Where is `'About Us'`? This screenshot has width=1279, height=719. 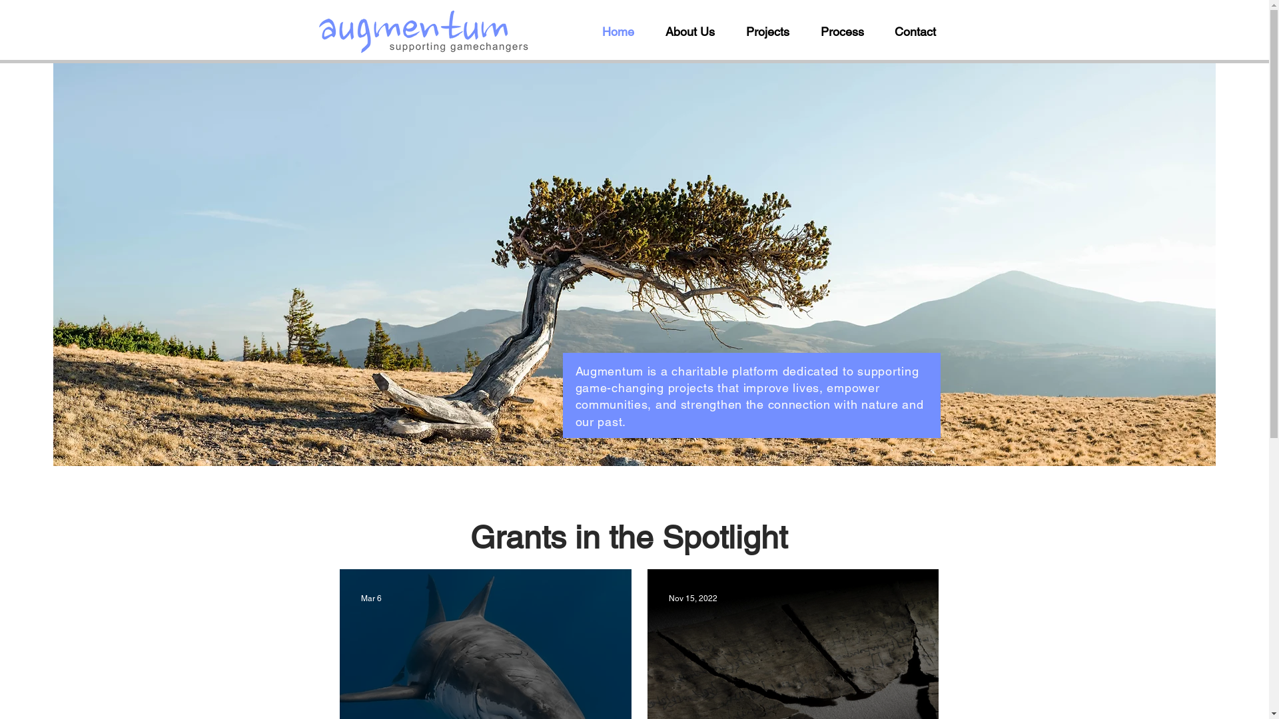
'About Us' is located at coordinates (695, 31).